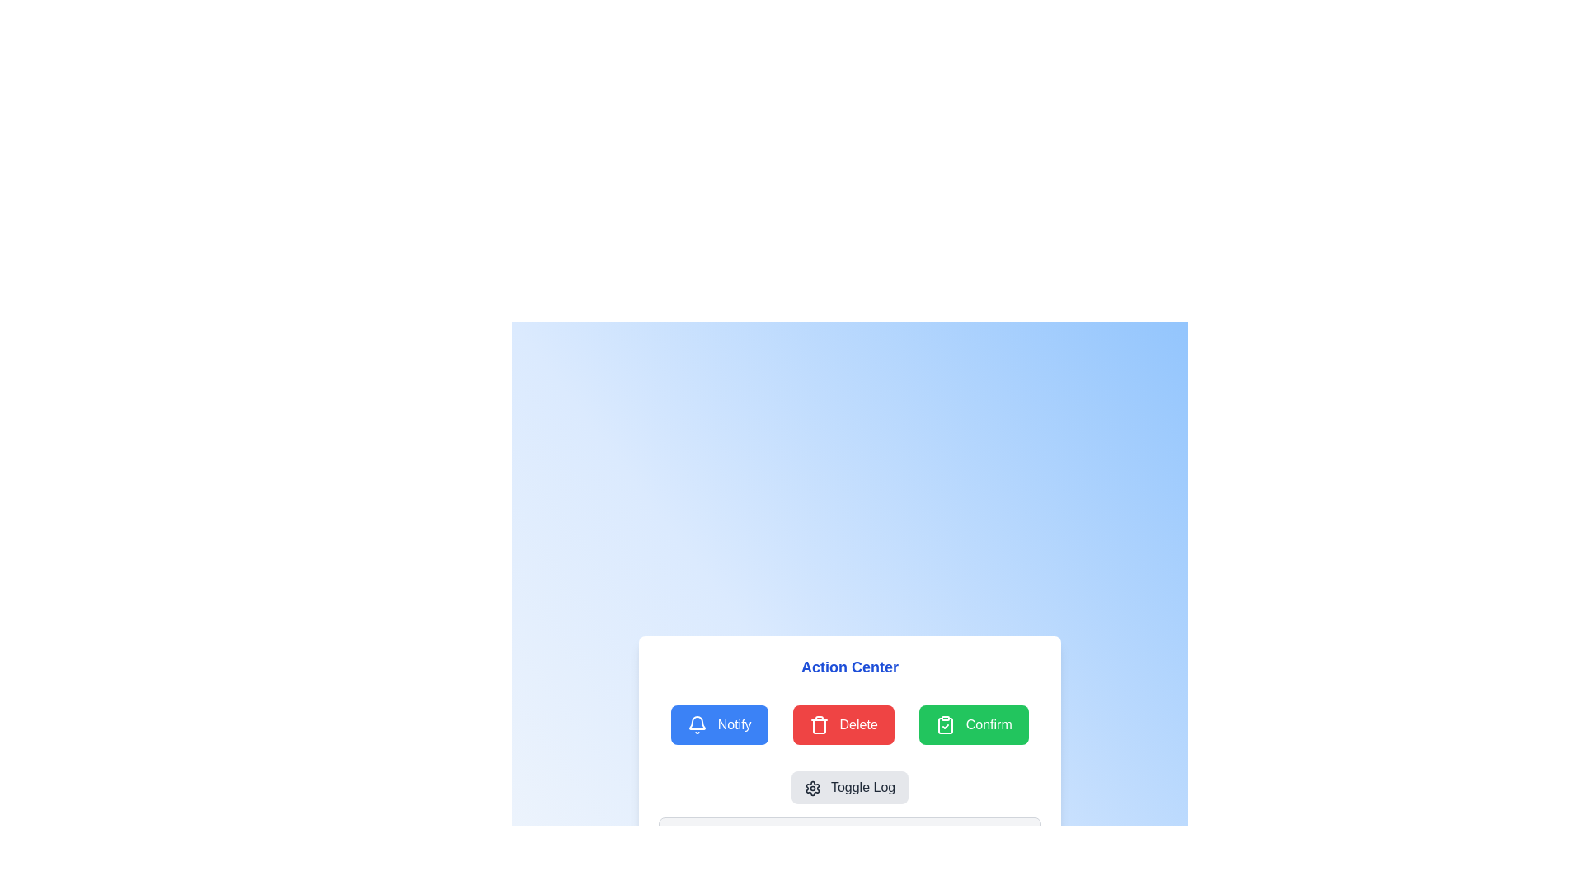 The image size is (1583, 890). What do you see at coordinates (820, 726) in the screenshot?
I see `the trash can icon within the 'Delete' button located in the central action bar of the interface` at bounding box center [820, 726].